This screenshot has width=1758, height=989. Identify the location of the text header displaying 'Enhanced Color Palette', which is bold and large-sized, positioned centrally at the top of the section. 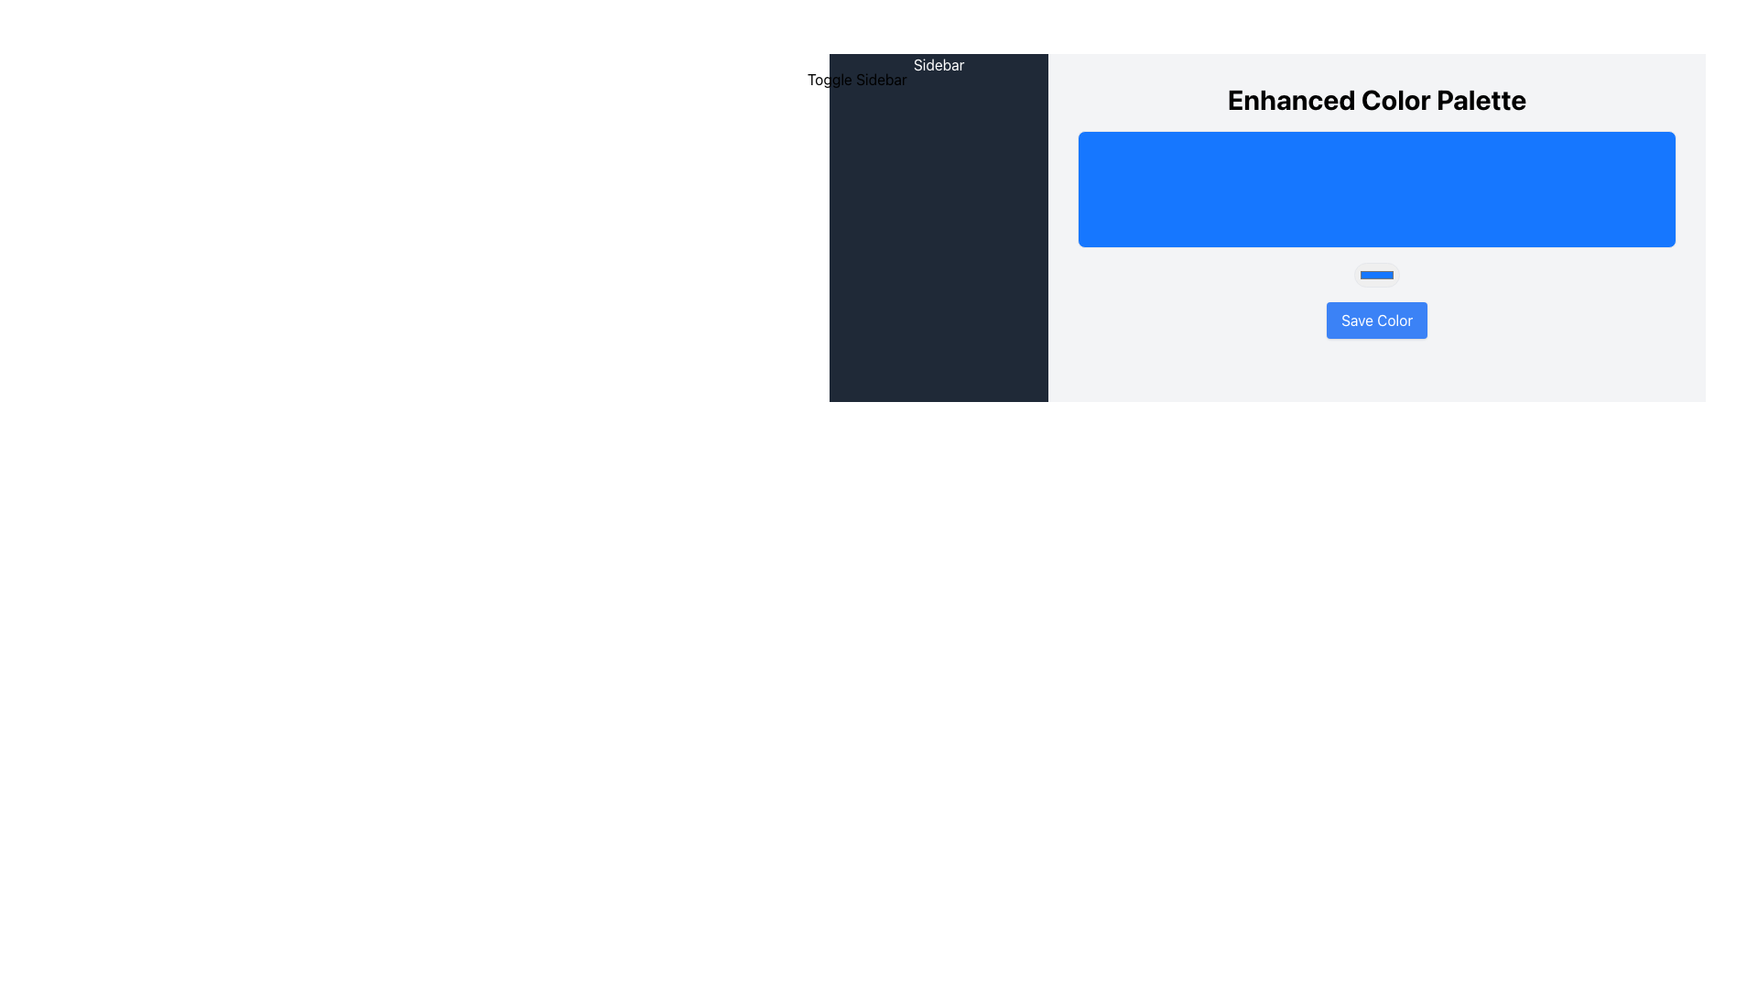
(1377, 99).